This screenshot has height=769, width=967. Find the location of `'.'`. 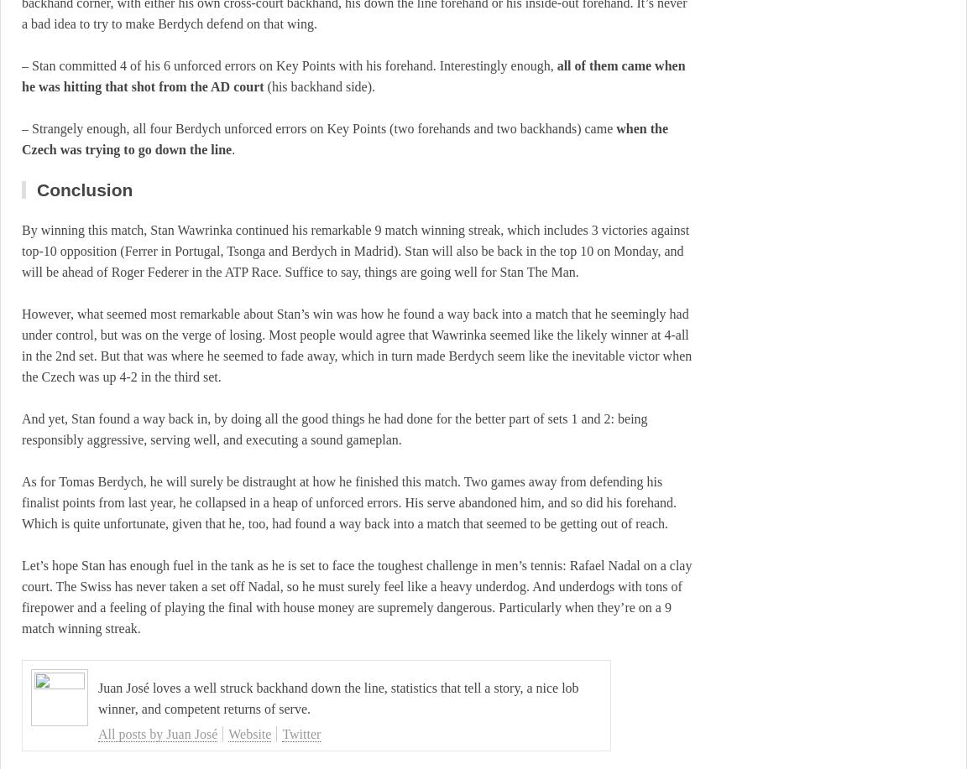

'.' is located at coordinates (233, 149).